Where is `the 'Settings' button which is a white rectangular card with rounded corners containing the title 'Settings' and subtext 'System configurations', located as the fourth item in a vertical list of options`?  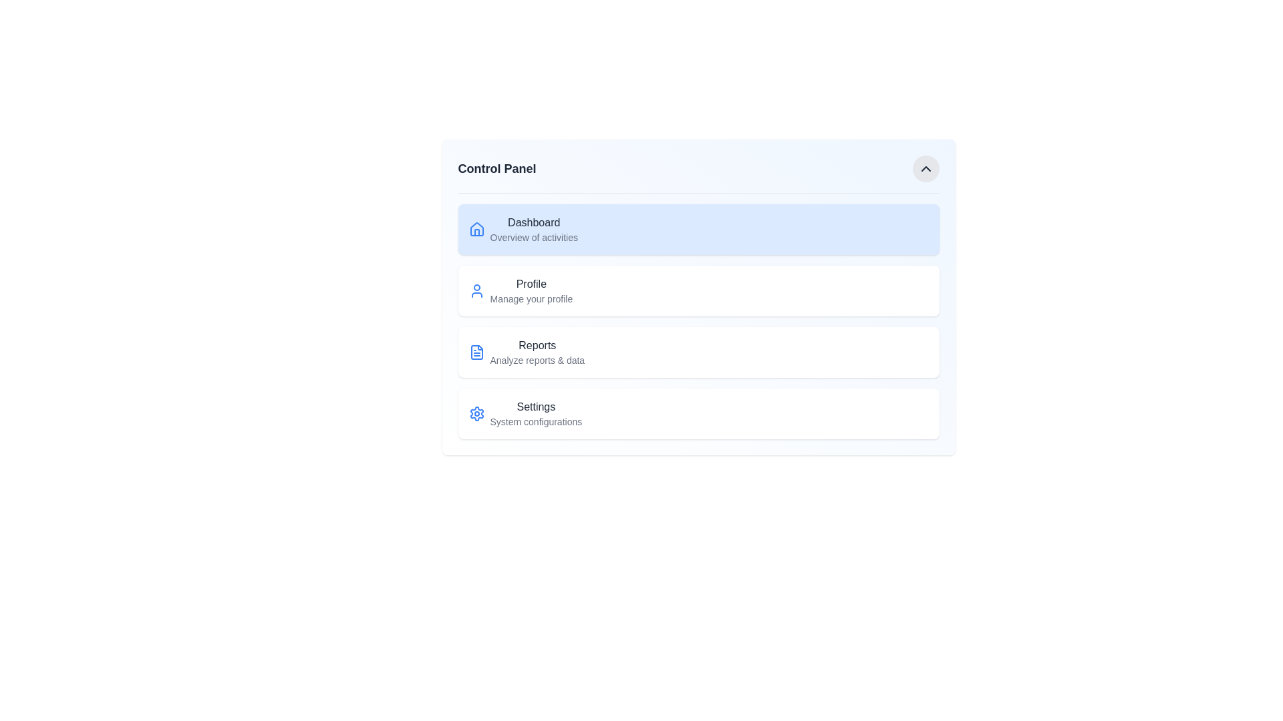
the 'Settings' button which is a white rectangular card with rounded corners containing the title 'Settings' and subtext 'System configurations', located as the fourth item in a vertical list of options is located at coordinates (698, 413).